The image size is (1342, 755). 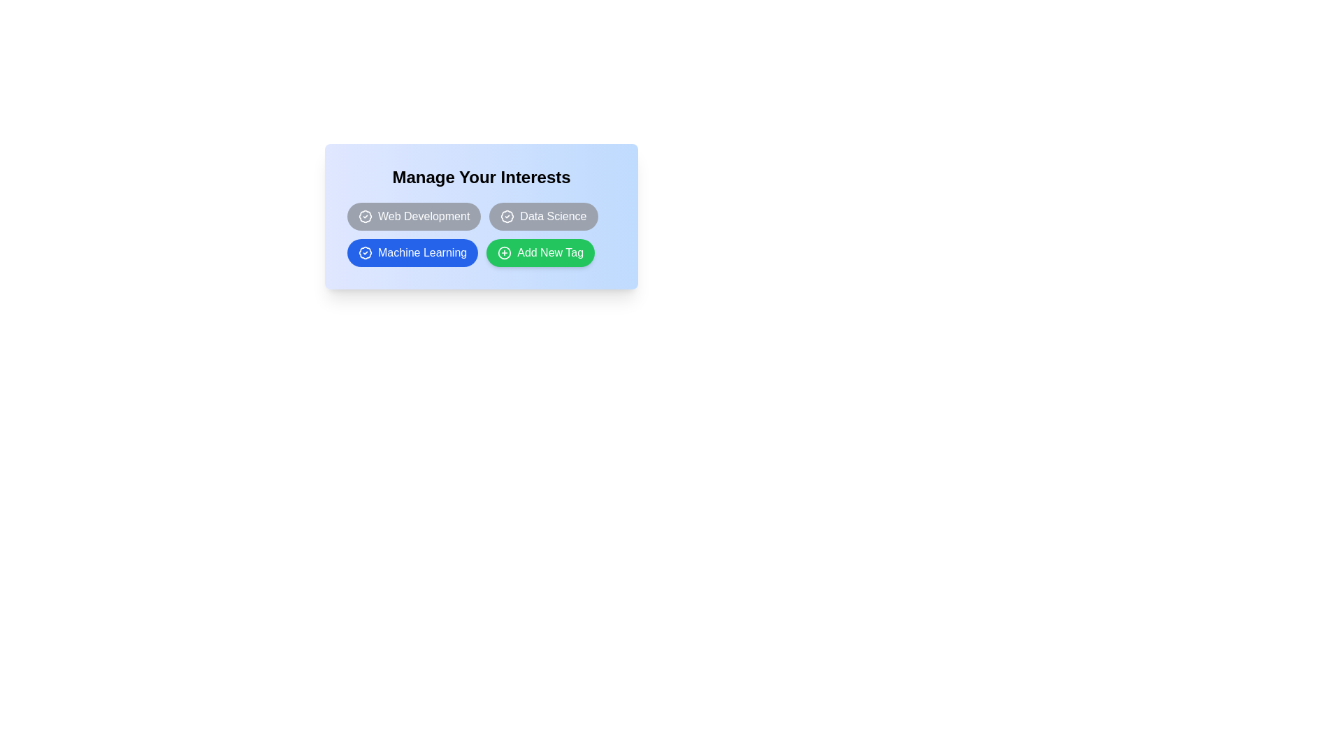 What do you see at coordinates (542, 216) in the screenshot?
I see `the tag Data Science` at bounding box center [542, 216].